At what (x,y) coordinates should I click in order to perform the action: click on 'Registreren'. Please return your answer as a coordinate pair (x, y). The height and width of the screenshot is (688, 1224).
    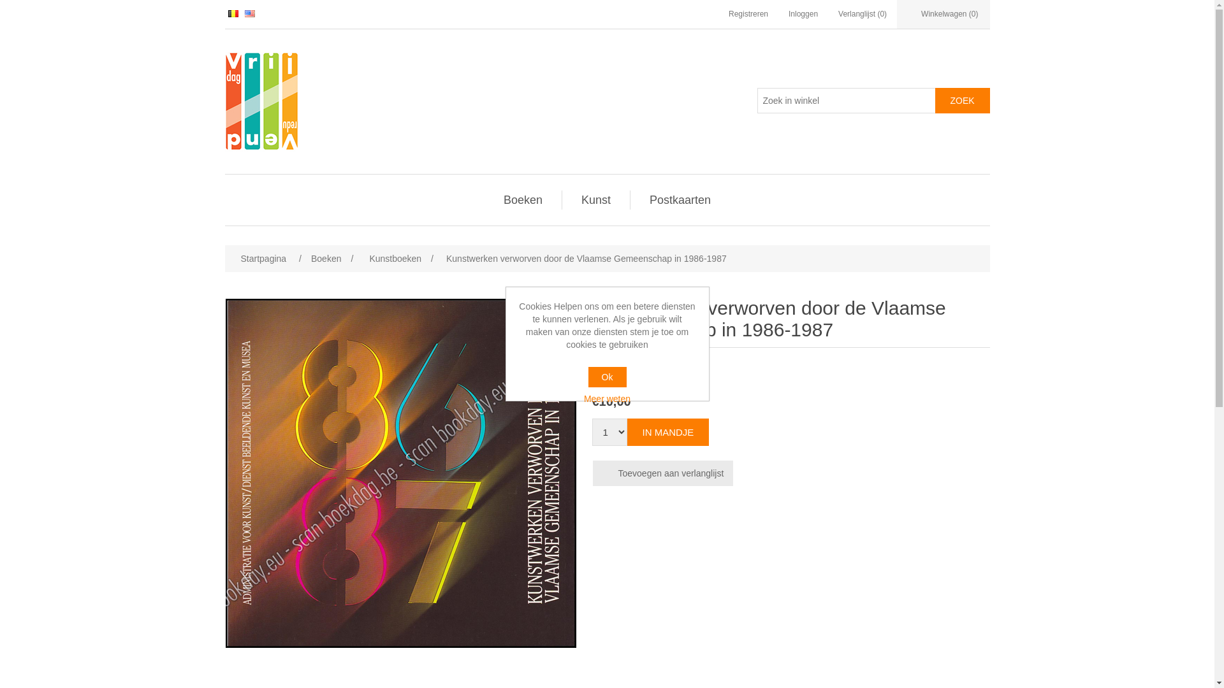
    Looking at the image, I should click on (748, 14).